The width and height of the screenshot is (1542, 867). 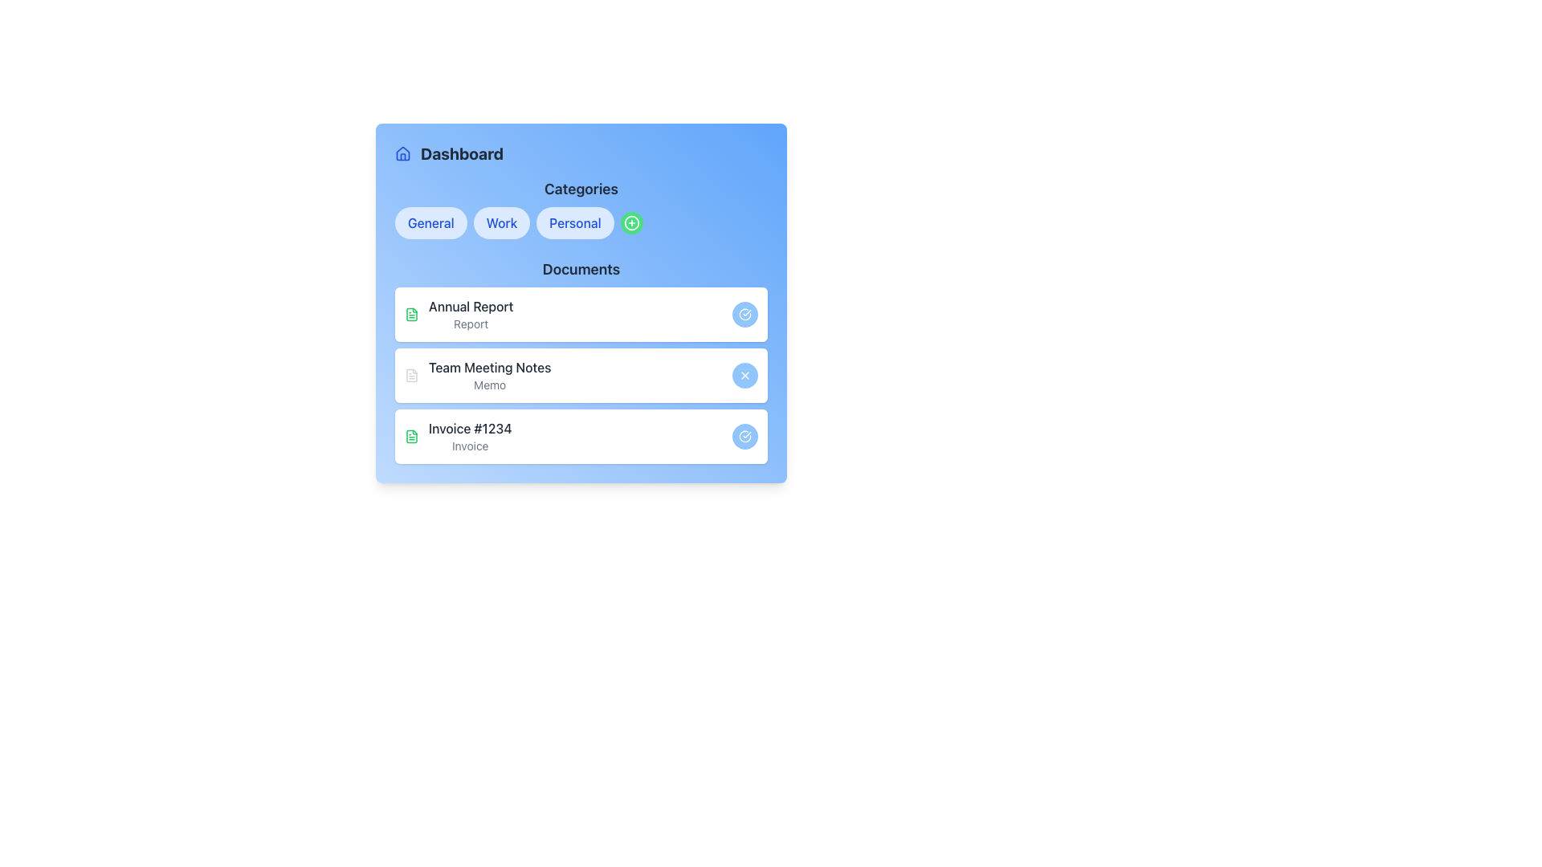 I want to click on the document entry labeled 'Team Meeting Notes', so click(x=489, y=375).